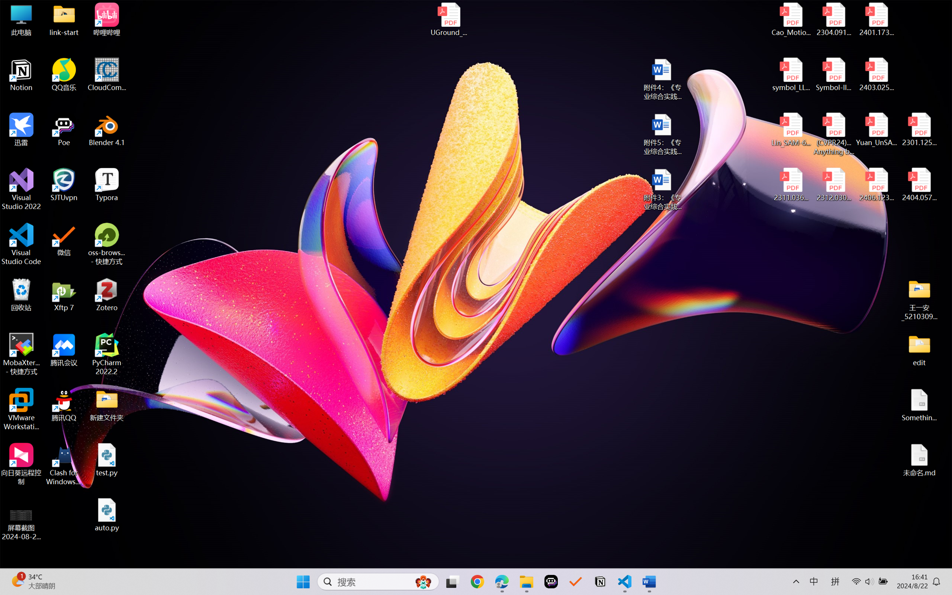 The image size is (952, 595). I want to click on '2312.03032v2.pdf', so click(833, 185).